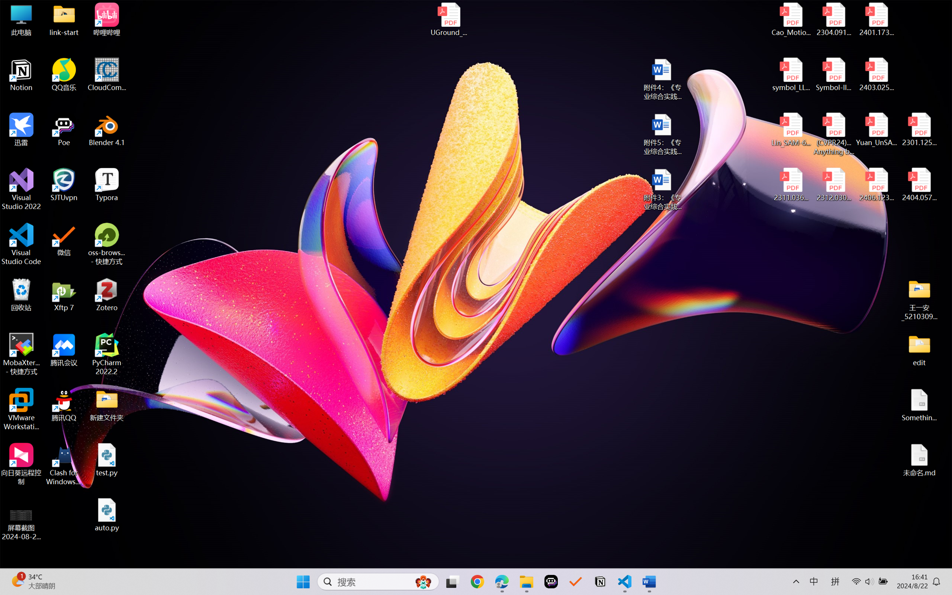 The image size is (952, 595). I want to click on '2312.03032v2.pdf', so click(833, 185).